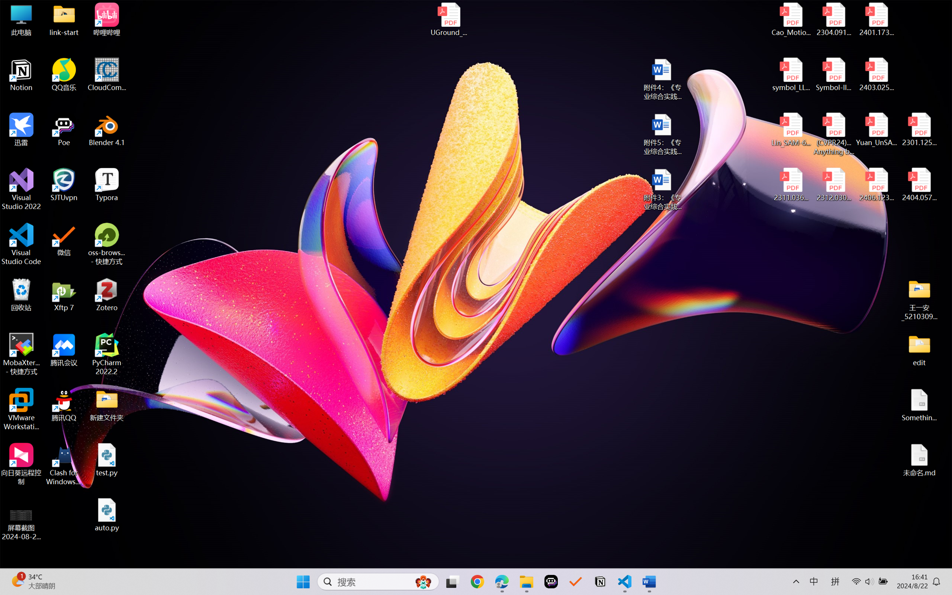 The image size is (952, 595). I want to click on '2312.03032v2.pdf', so click(833, 185).